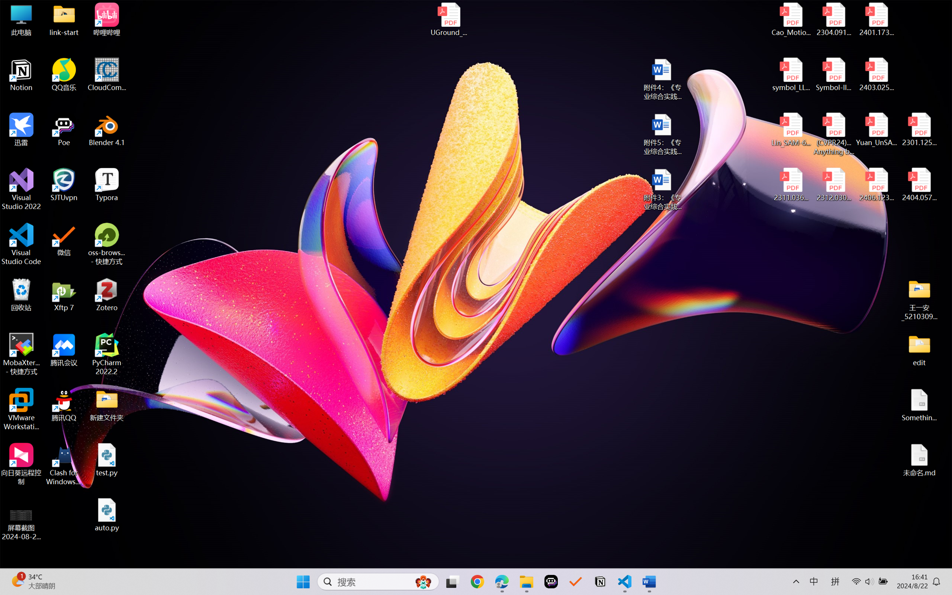 The image size is (952, 595). I want to click on '2312.03032v2.pdf', so click(833, 185).